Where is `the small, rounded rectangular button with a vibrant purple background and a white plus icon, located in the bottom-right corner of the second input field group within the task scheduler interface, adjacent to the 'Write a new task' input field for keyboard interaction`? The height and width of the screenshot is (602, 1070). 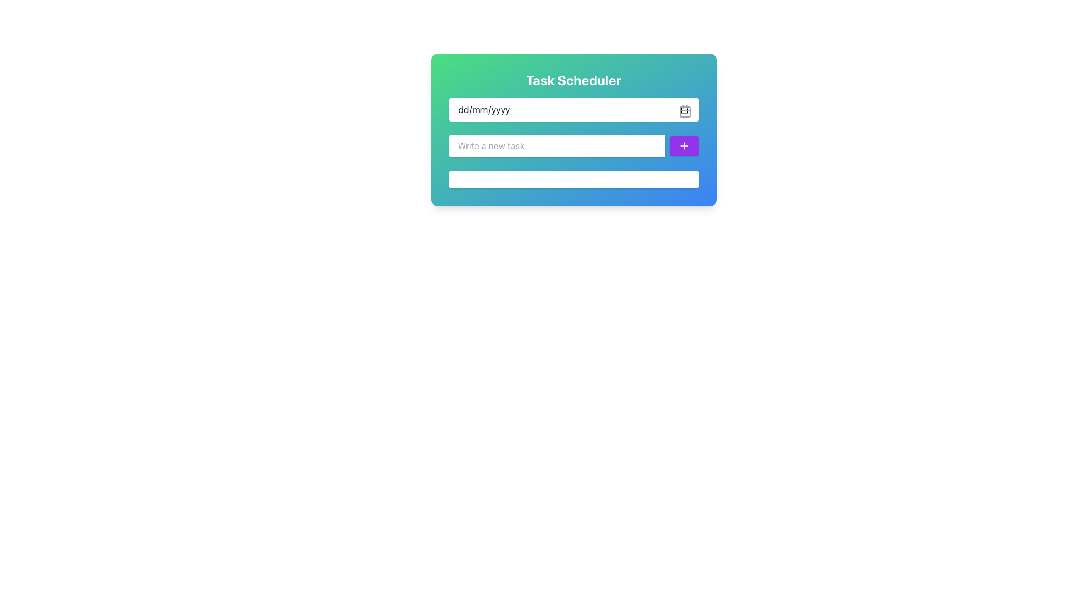 the small, rounded rectangular button with a vibrant purple background and a white plus icon, located in the bottom-right corner of the second input field group within the task scheduler interface, adjacent to the 'Write a new task' input field for keyboard interaction is located at coordinates (683, 145).